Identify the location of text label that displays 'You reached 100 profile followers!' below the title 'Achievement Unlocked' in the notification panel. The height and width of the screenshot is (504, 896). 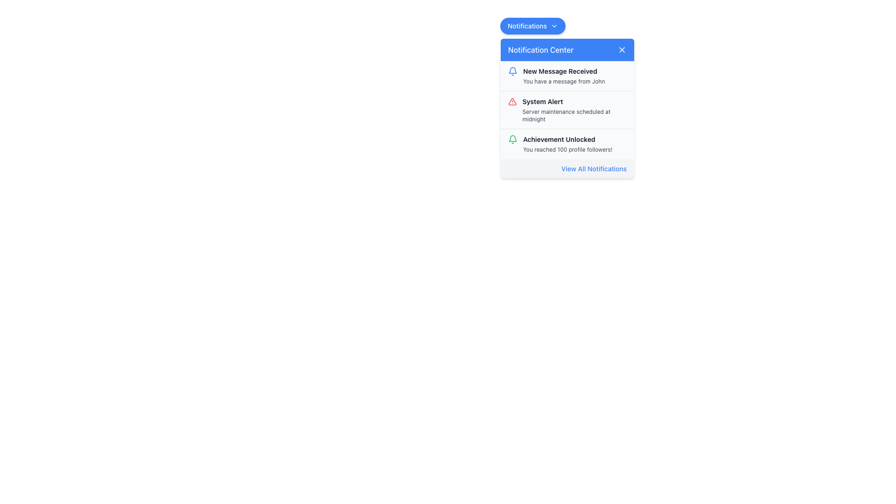
(567, 149).